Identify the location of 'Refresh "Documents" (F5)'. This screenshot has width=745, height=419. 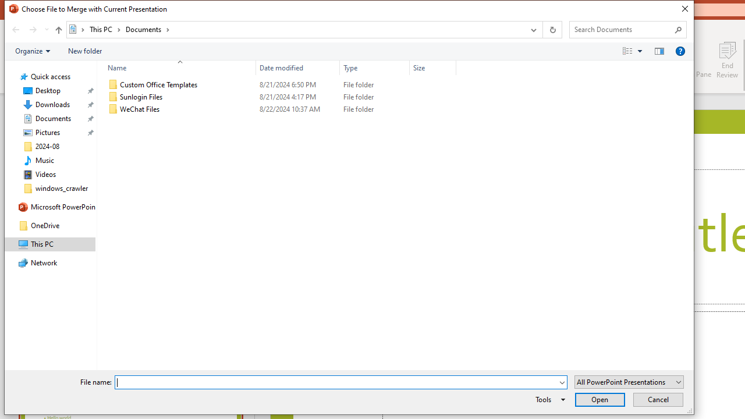
(551, 29).